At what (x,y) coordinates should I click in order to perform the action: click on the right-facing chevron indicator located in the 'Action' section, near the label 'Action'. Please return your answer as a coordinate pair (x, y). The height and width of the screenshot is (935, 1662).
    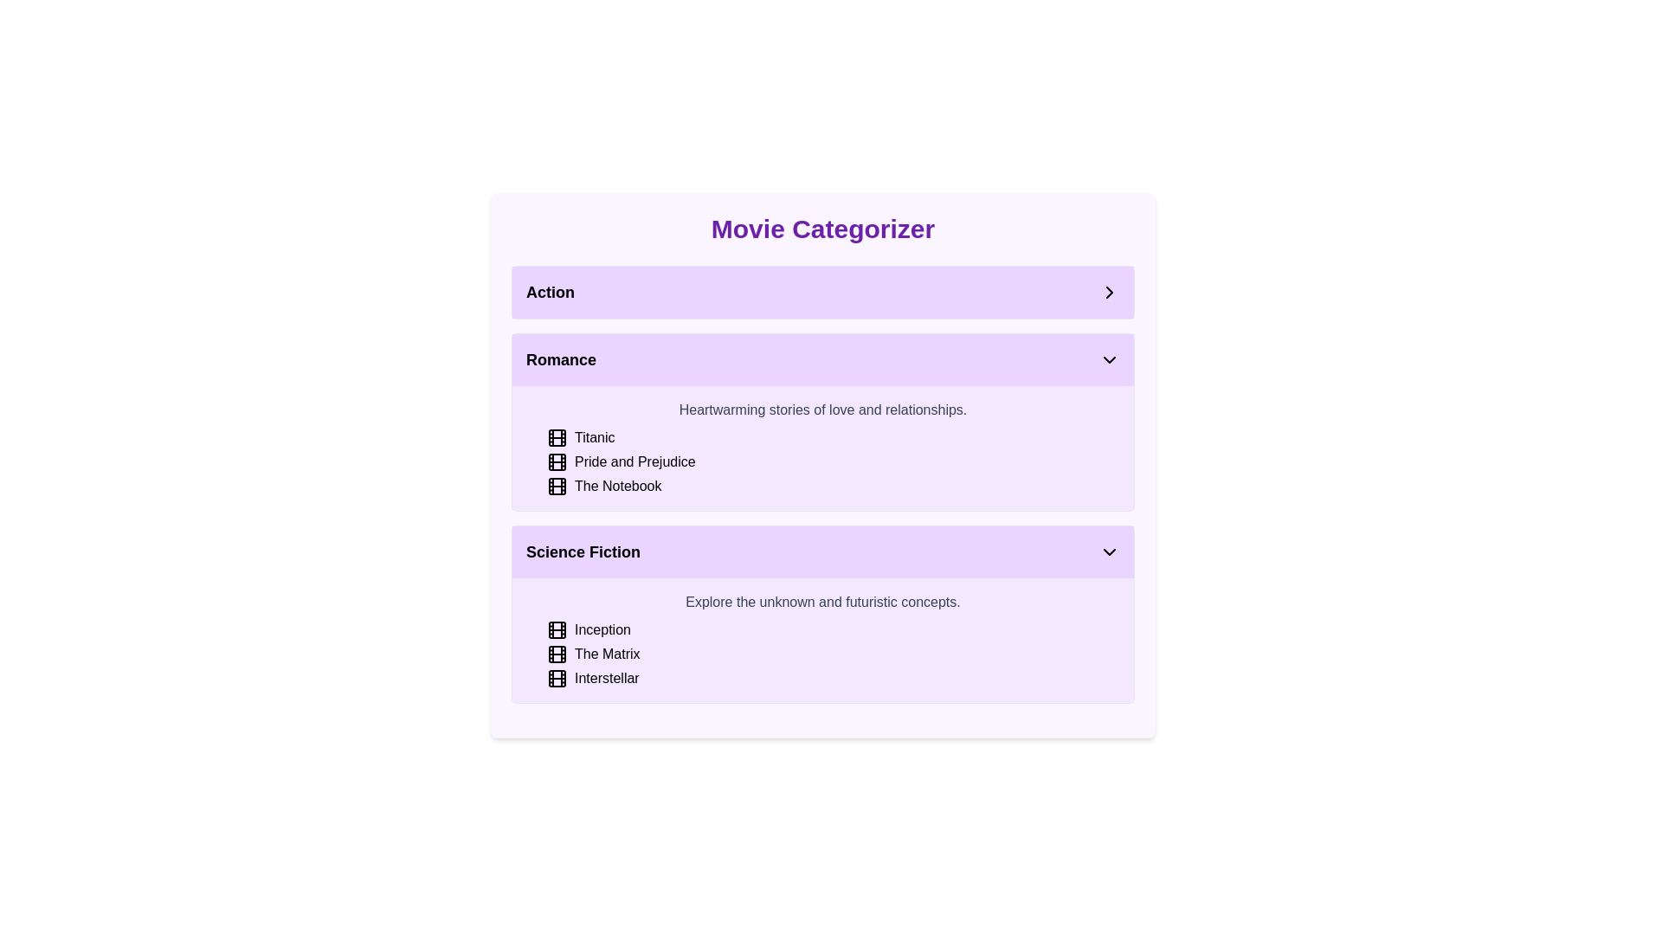
    Looking at the image, I should click on (1109, 292).